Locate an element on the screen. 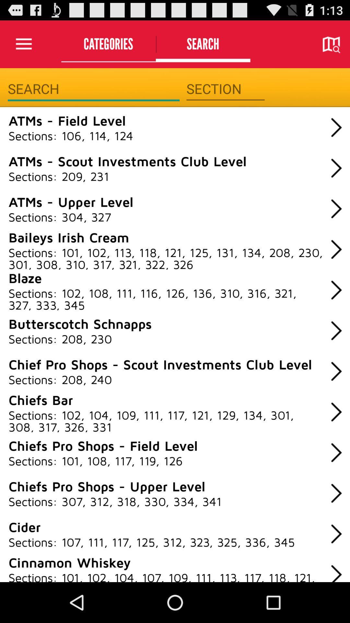 This screenshot has height=623, width=350. the icon next to search is located at coordinates (108, 44).